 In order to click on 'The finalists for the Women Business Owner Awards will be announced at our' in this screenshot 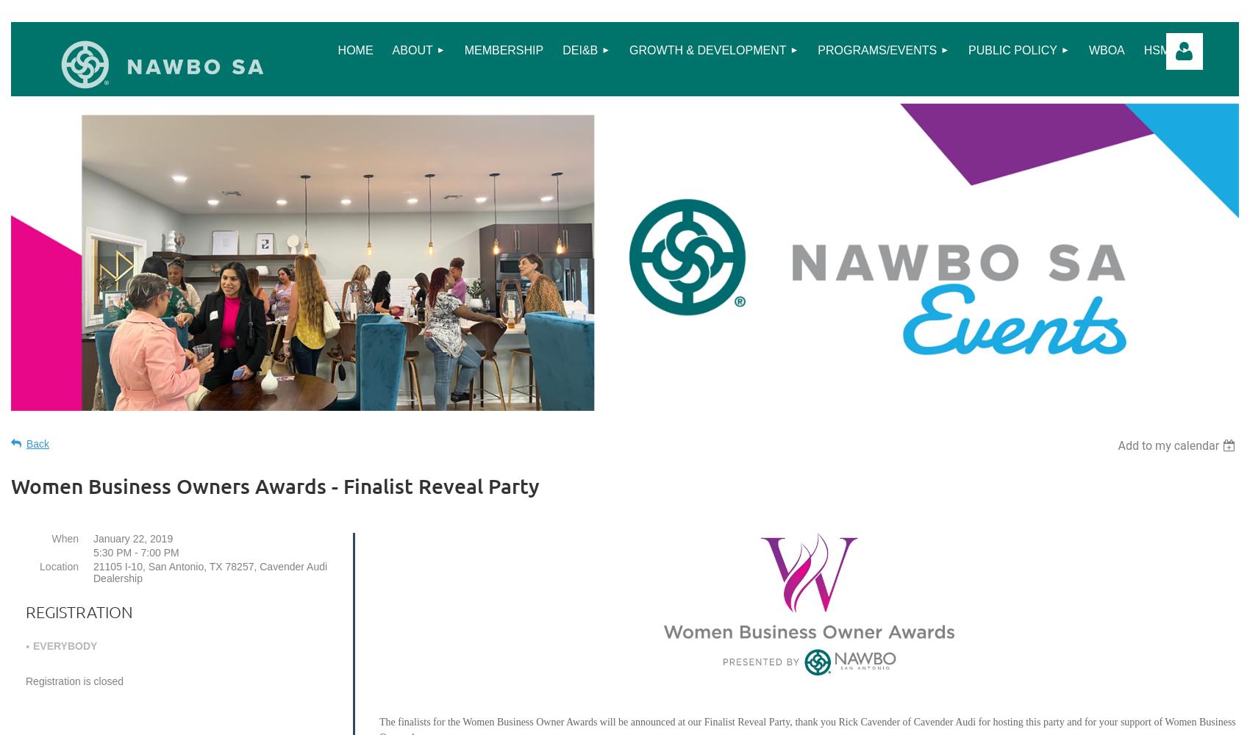, I will do `click(541, 721)`.